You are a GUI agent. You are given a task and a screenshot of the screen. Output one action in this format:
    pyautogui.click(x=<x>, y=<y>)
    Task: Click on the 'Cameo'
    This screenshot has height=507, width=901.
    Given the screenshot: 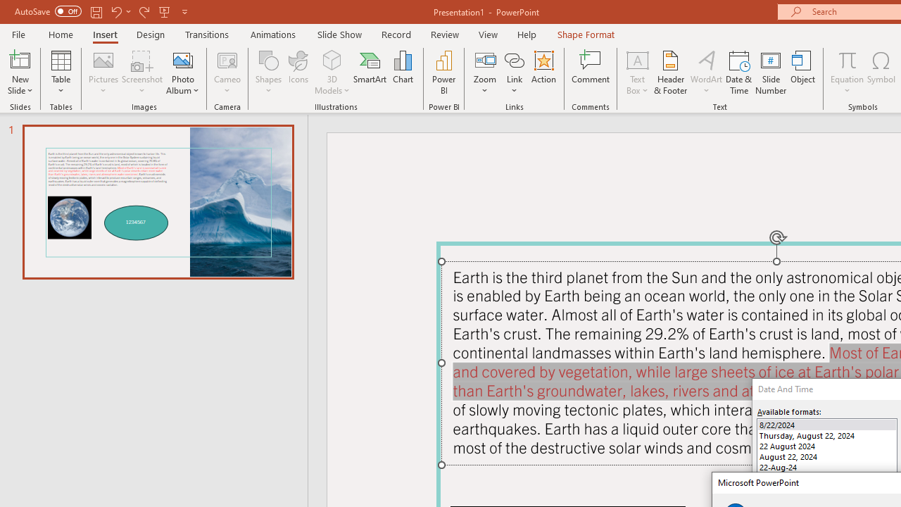 What is the action you would take?
    pyautogui.click(x=227, y=73)
    